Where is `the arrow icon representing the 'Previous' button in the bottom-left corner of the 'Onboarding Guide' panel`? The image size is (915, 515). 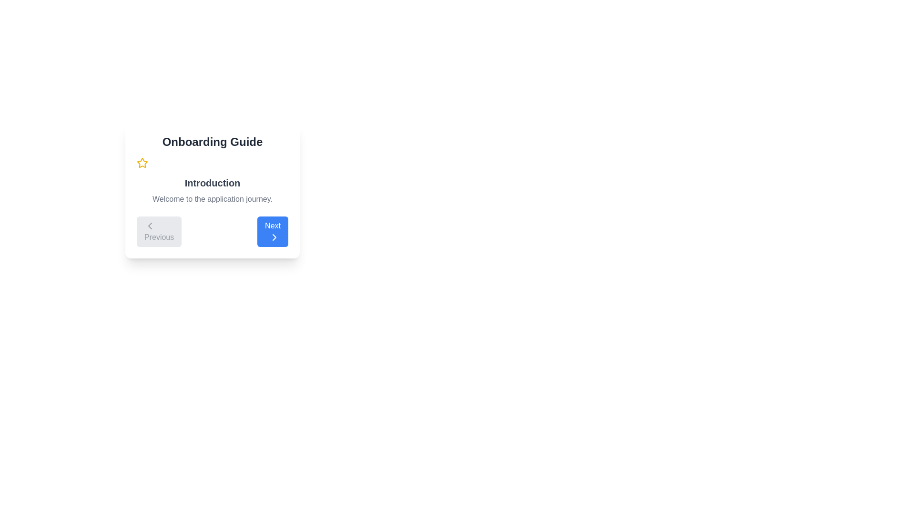 the arrow icon representing the 'Previous' button in the bottom-left corner of the 'Onboarding Guide' panel is located at coordinates (150, 226).